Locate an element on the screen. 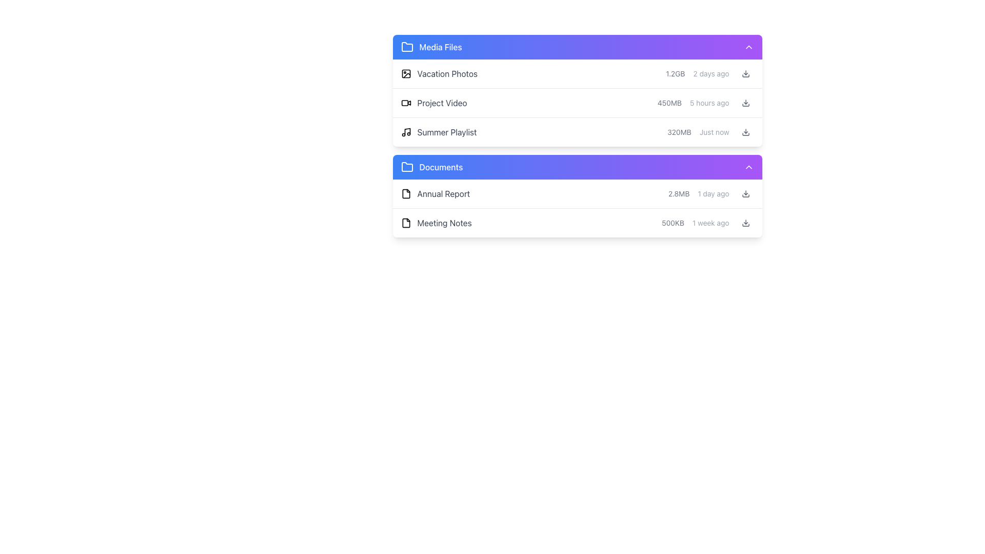  'Documents' label which is styled with medium font weight and located in a highlighted row under a gradient blue-purple background, following a folder icon in a list interface is located at coordinates (441, 167).